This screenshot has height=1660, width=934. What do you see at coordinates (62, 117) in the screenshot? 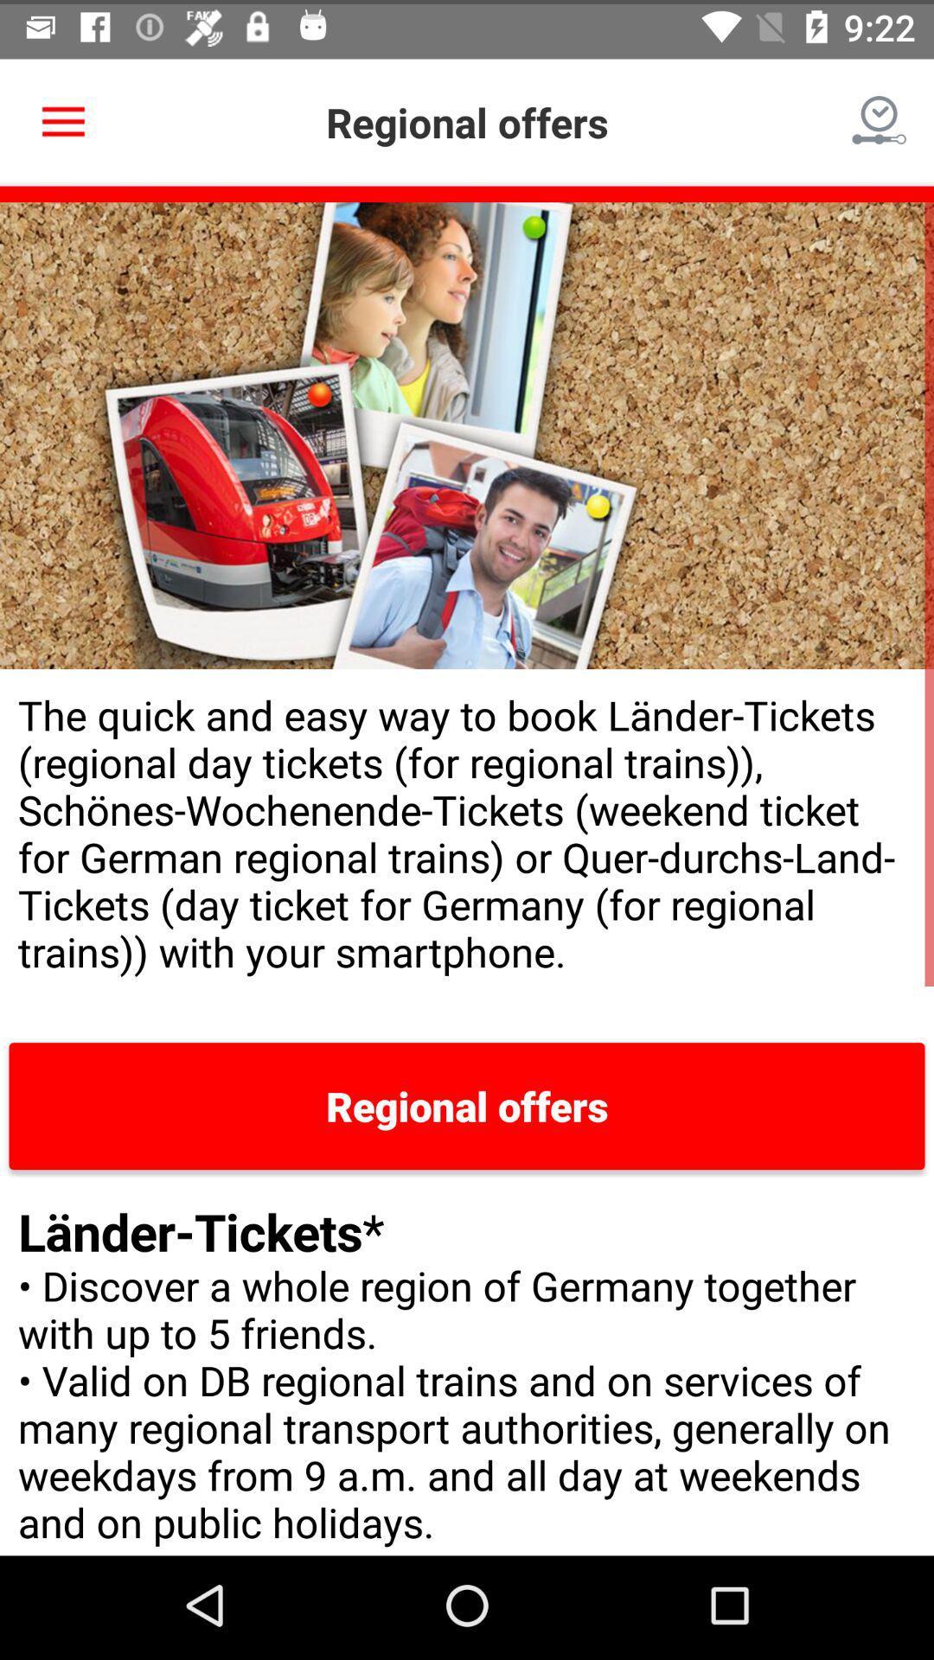
I see `item next to regional offers icon` at bounding box center [62, 117].